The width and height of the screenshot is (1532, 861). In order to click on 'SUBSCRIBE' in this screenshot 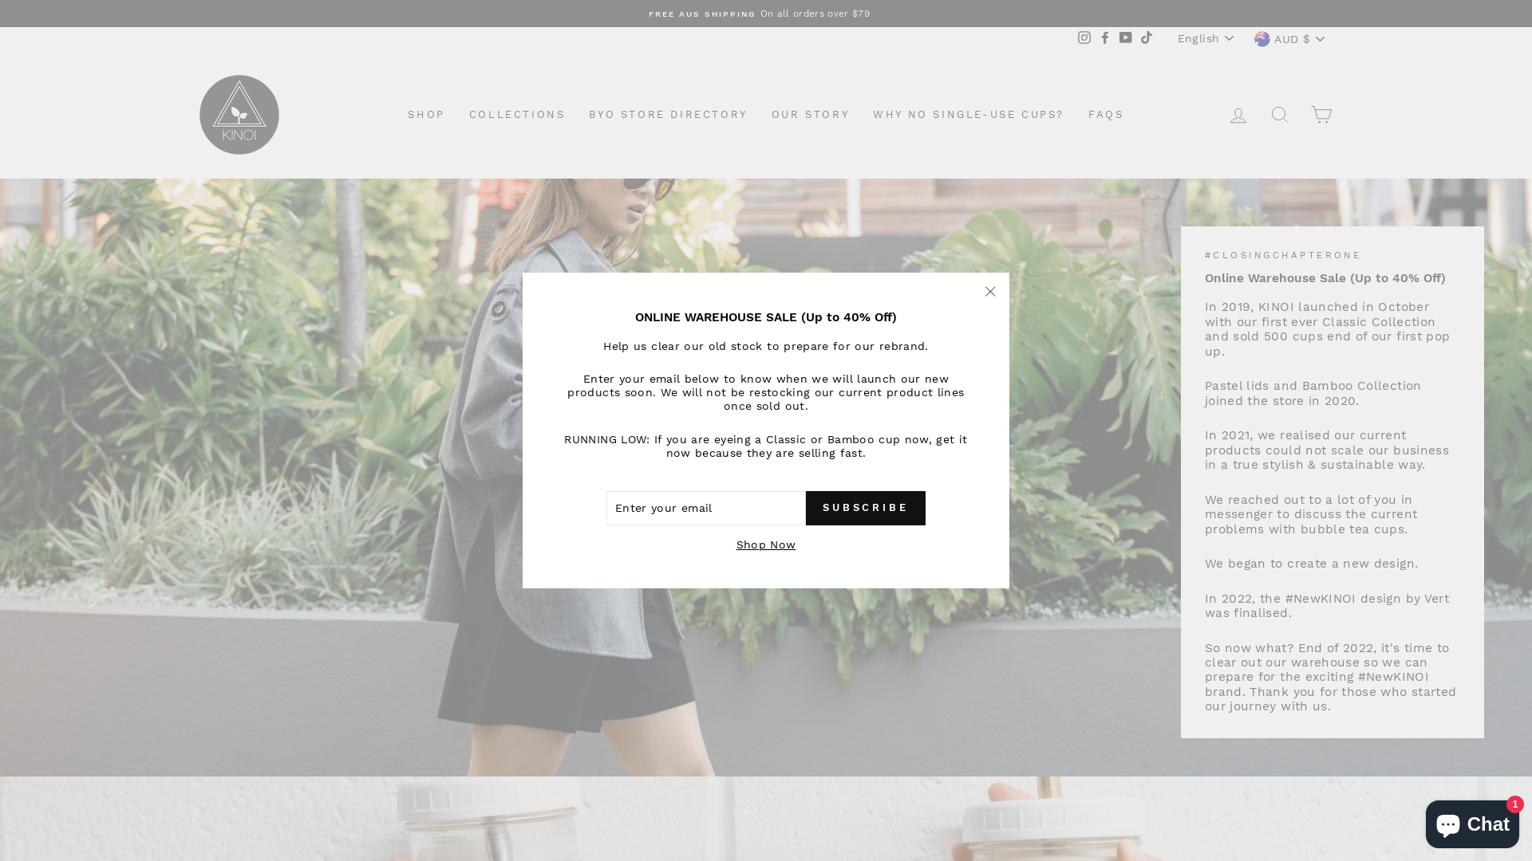, I will do `click(864, 507)`.